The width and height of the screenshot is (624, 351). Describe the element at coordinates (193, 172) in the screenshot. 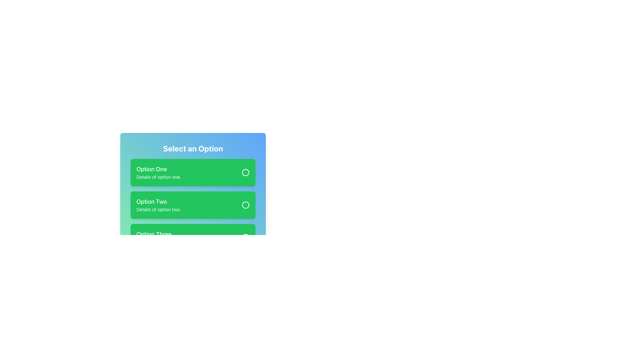

I see `the 'Option One' button located beneath the title 'Select an Option'` at that location.